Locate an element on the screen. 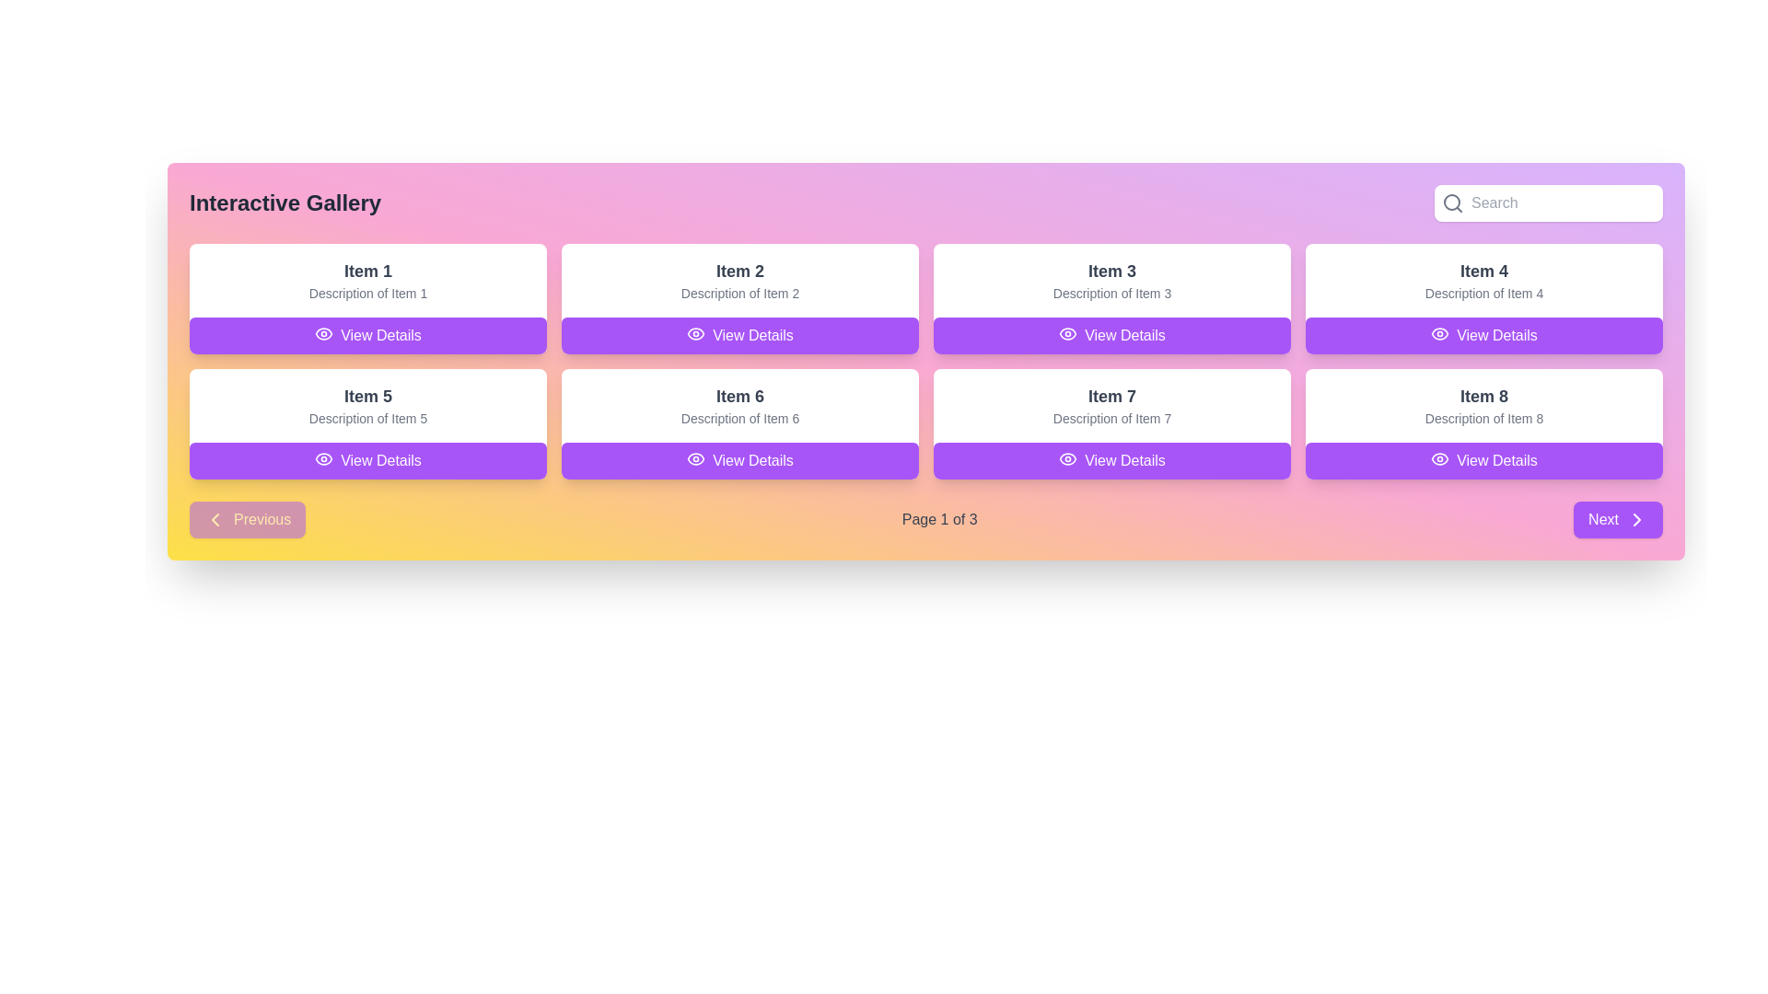 The image size is (1768, 994). the small chevron-shaped icon pointing to the right, which is located to the right of the 'Next' button at the bottom right corner of the page is located at coordinates (1636, 519).